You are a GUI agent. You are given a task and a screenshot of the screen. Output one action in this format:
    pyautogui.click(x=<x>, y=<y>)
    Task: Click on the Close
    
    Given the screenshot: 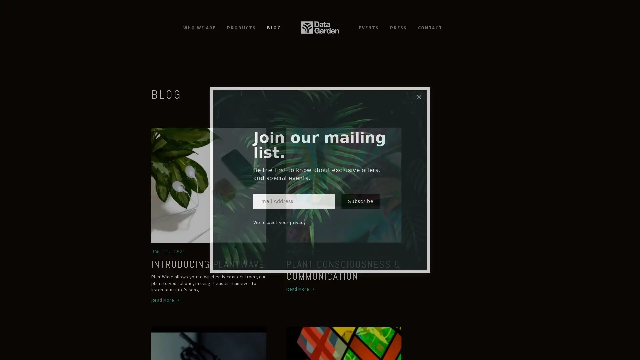 What is the action you would take?
    pyautogui.click(x=418, y=92)
    